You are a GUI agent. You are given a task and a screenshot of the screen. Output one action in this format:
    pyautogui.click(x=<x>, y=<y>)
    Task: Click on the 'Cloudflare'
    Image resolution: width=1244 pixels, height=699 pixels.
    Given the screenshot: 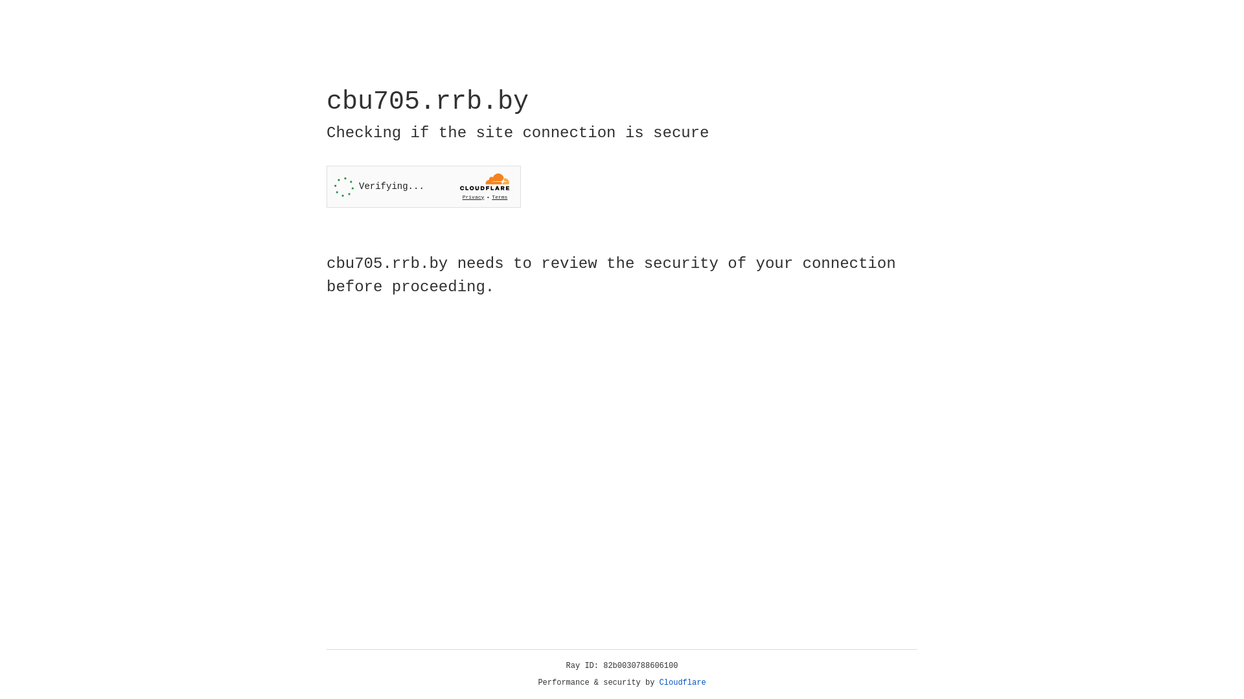 What is the action you would take?
    pyautogui.click(x=682, y=682)
    